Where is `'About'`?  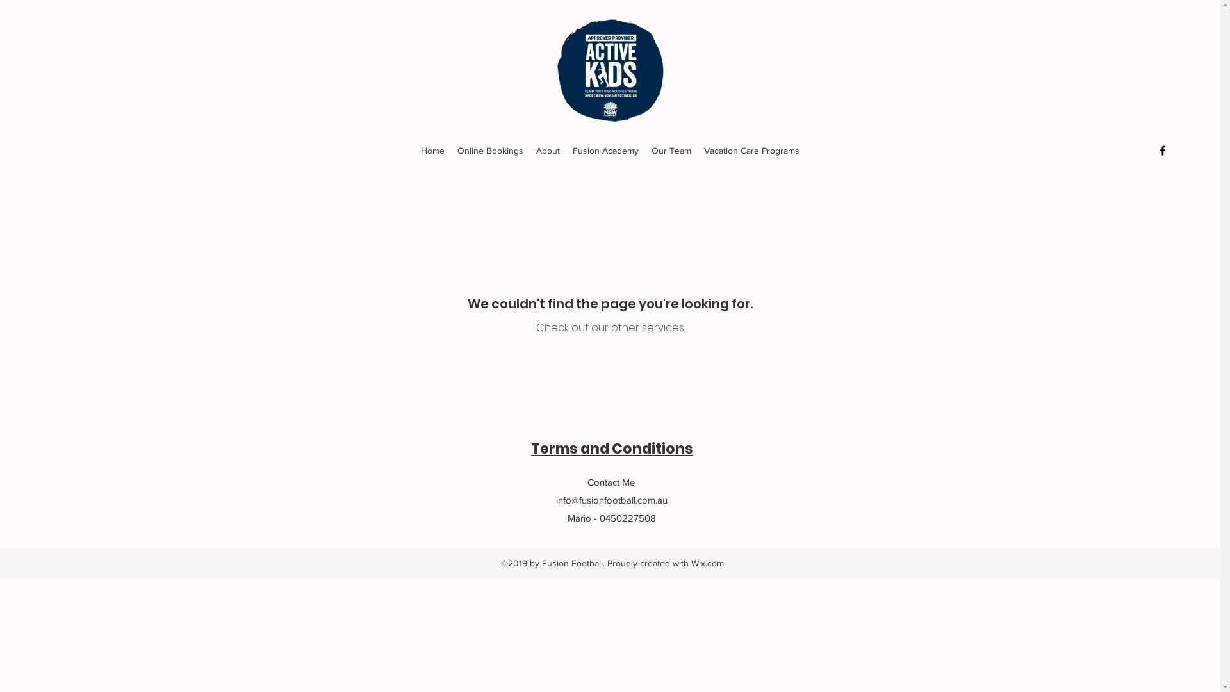 'About' is located at coordinates (548, 150).